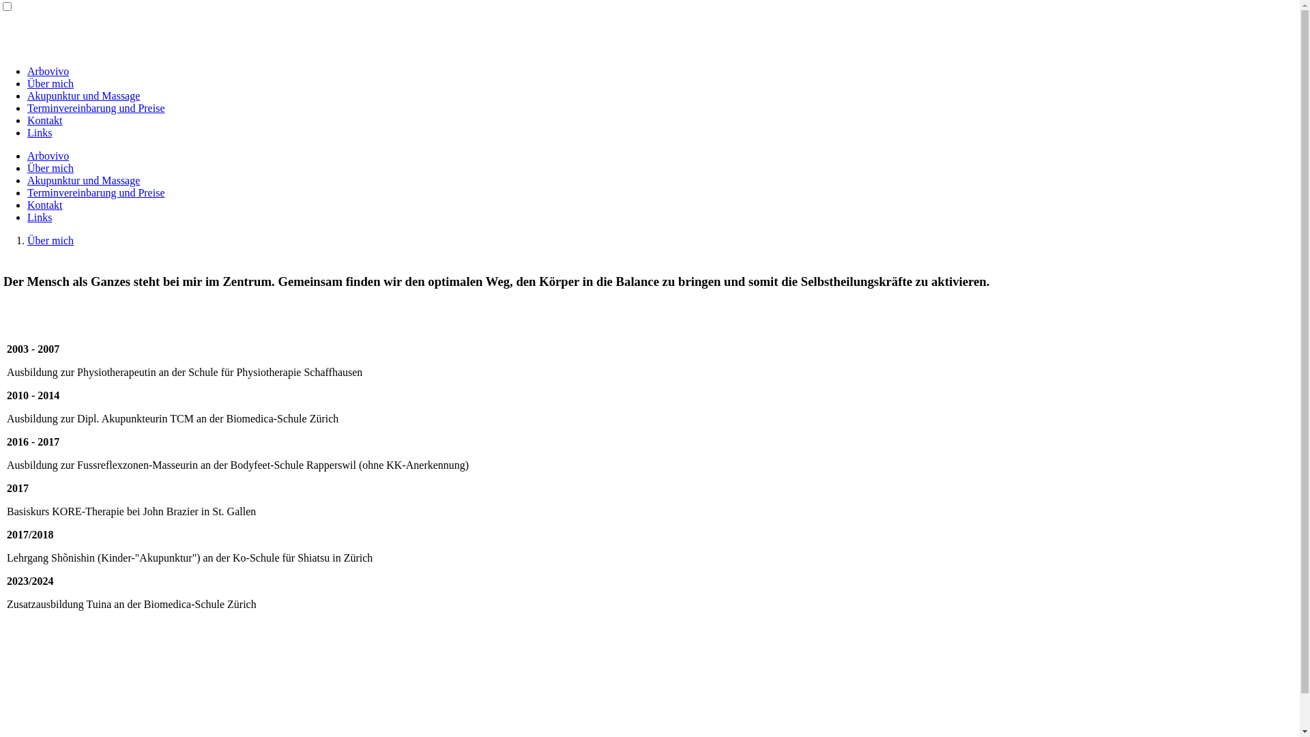 The height and width of the screenshot is (737, 1310). Describe the element at coordinates (95, 107) in the screenshot. I see `'Terminvereinbarung und Preise'` at that location.